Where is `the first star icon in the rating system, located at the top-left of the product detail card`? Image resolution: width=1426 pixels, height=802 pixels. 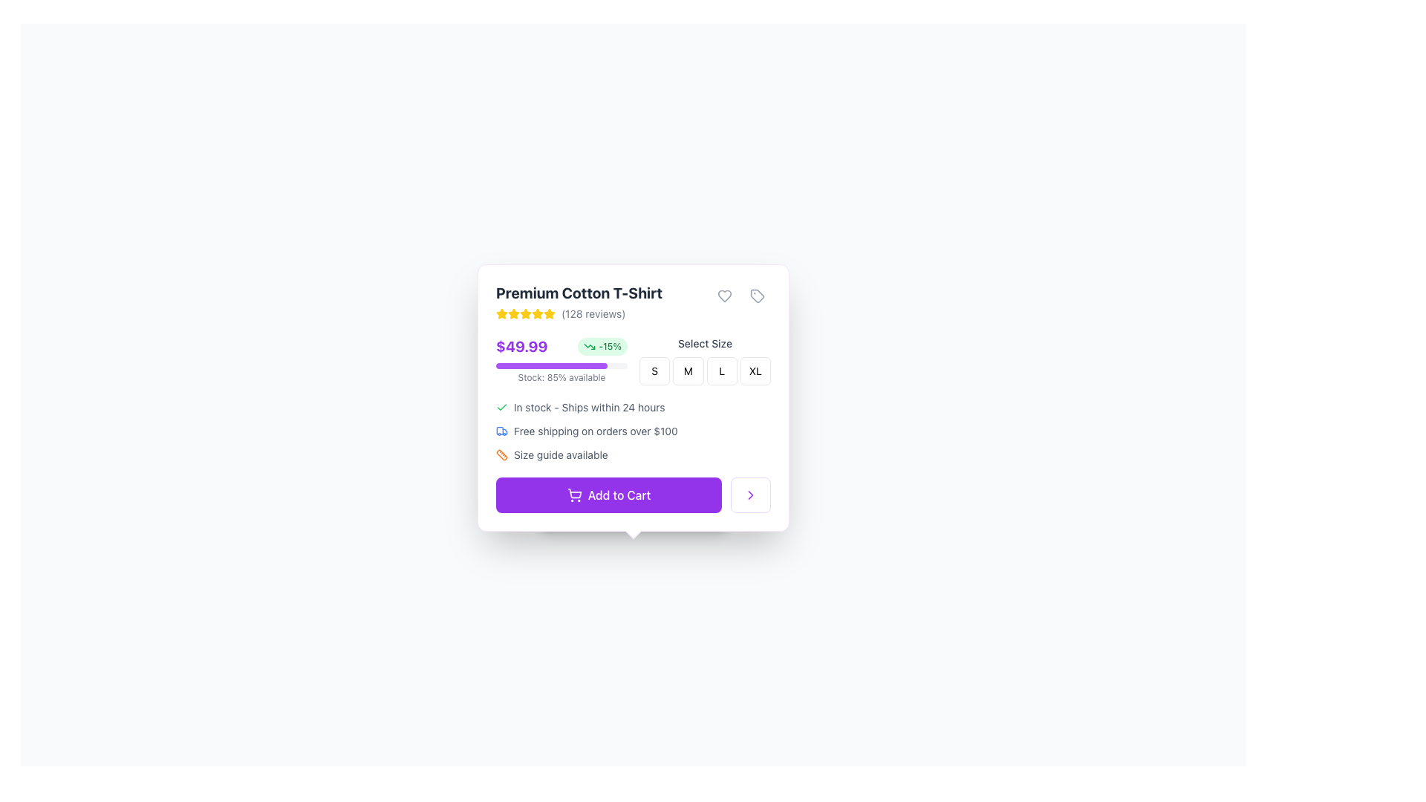
the first star icon in the rating system, located at the top-left of the product detail card is located at coordinates (513, 313).